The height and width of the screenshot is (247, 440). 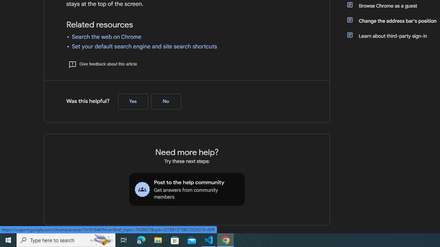 What do you see at coordinates (106, 37) in the screenshot?
I see `'Search the web on Chrome'` at bounding box center [106, 37].